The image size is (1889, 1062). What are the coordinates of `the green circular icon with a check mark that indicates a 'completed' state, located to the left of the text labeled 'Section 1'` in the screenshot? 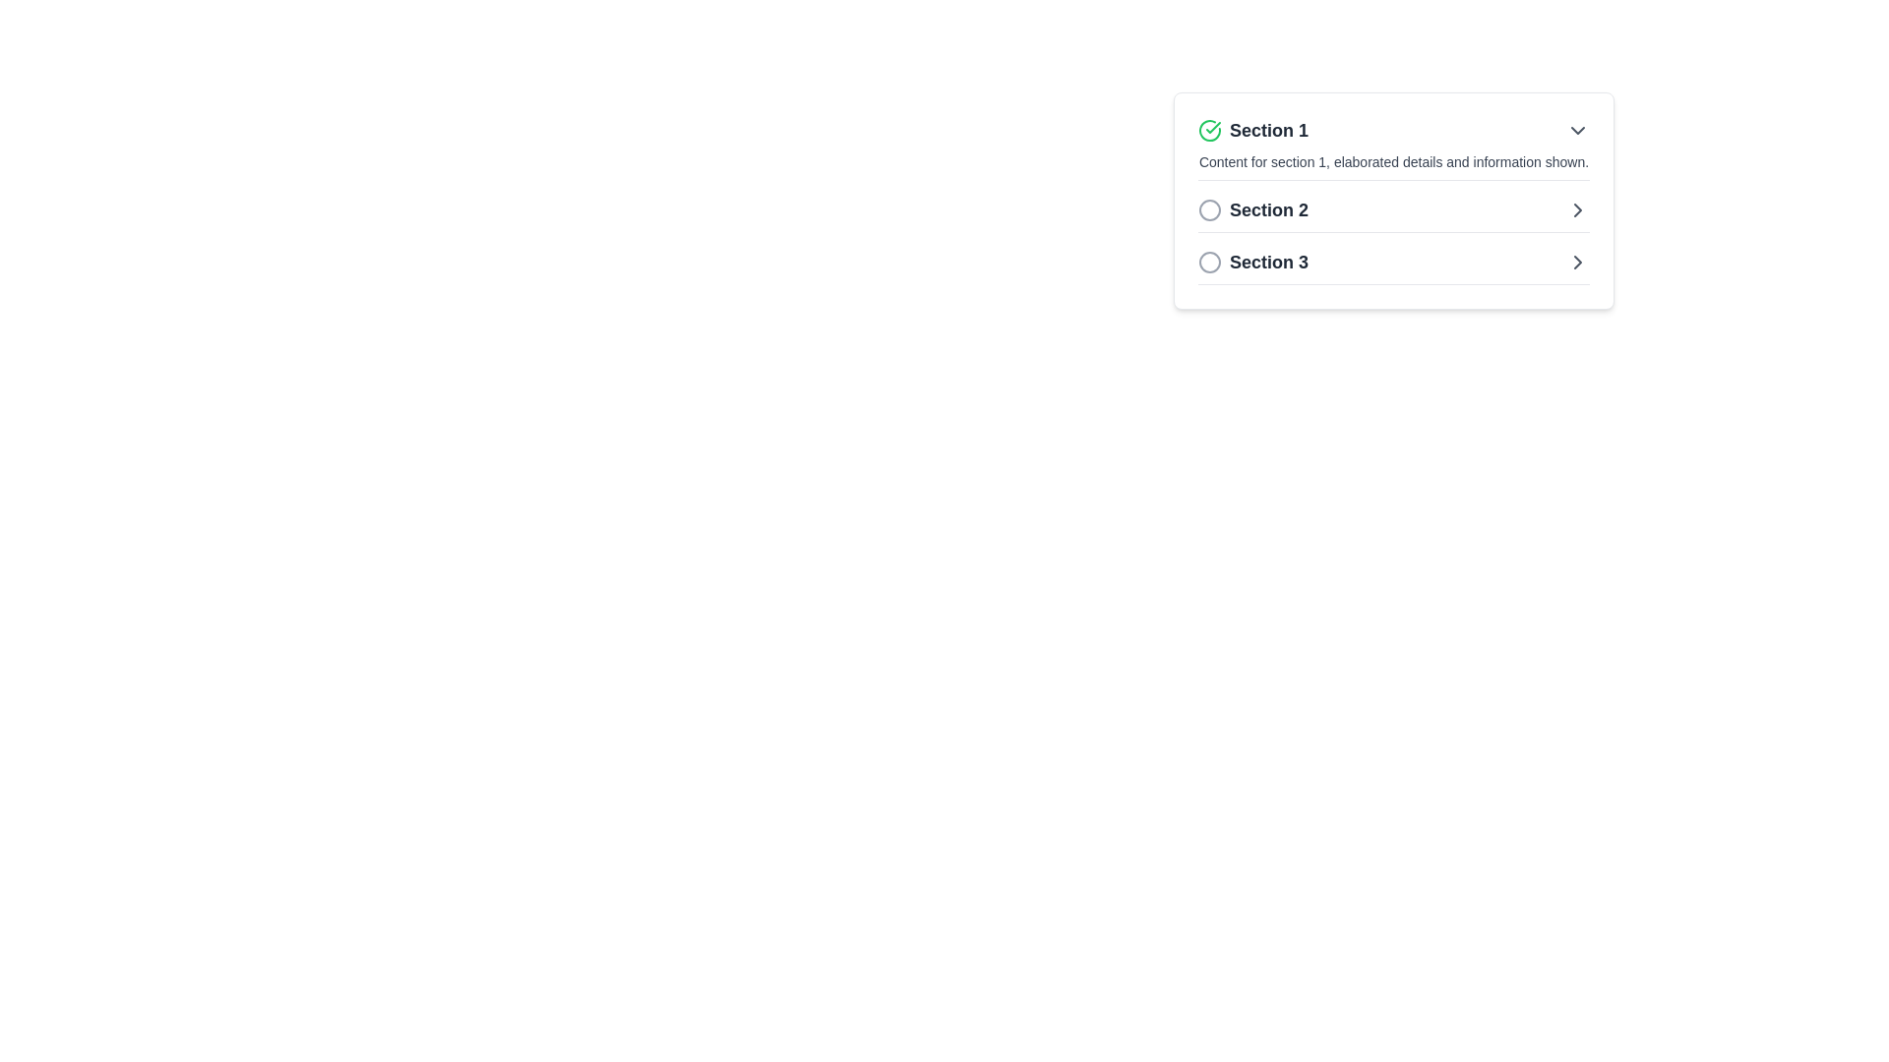 It's located at (1208, 130).